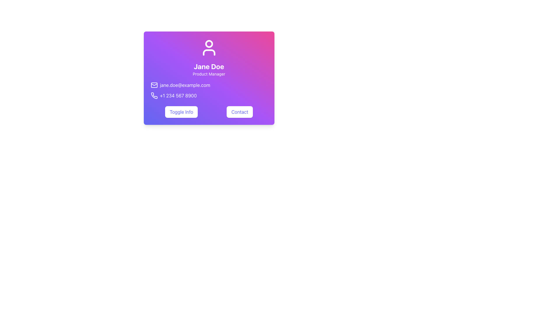  I want to click on the email address display in the contact information section, located beneath the name and job title, above the phone number, so click(209, 85).